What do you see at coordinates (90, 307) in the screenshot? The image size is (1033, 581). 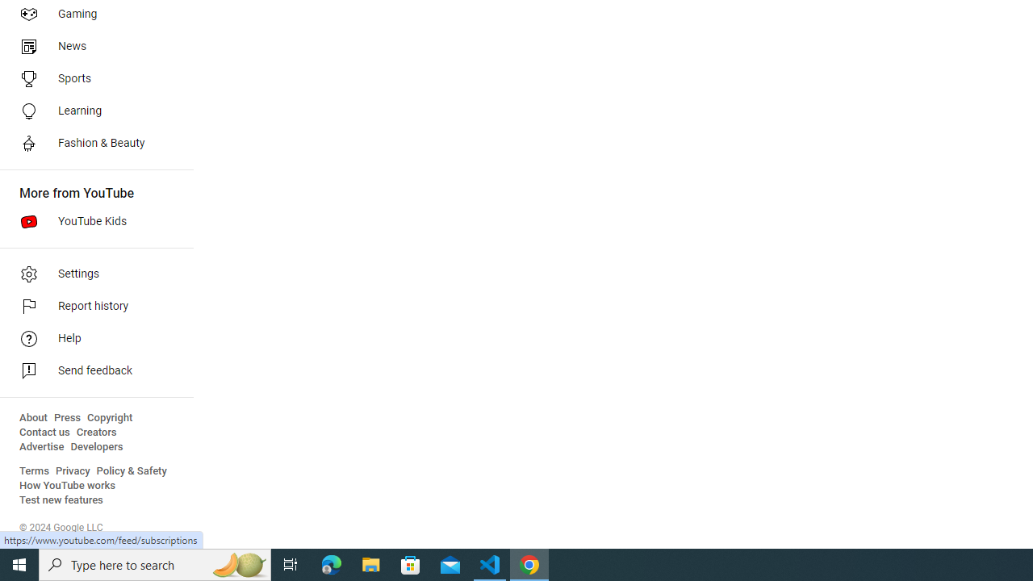 I see `'Report history'` at bounding box center [90, 307].